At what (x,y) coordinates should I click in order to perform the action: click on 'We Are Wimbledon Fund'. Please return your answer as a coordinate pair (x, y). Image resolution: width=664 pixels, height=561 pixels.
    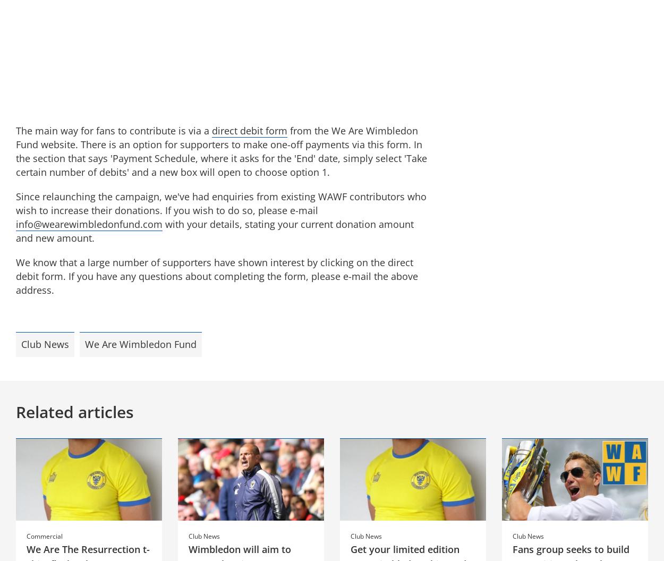
    Looking at the image, I should click on (141, 343).